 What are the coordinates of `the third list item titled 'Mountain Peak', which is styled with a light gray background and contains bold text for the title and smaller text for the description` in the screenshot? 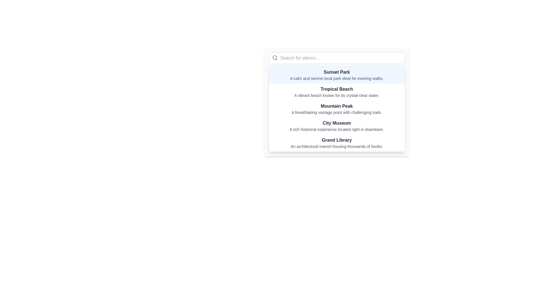 It's located at (337, 101).